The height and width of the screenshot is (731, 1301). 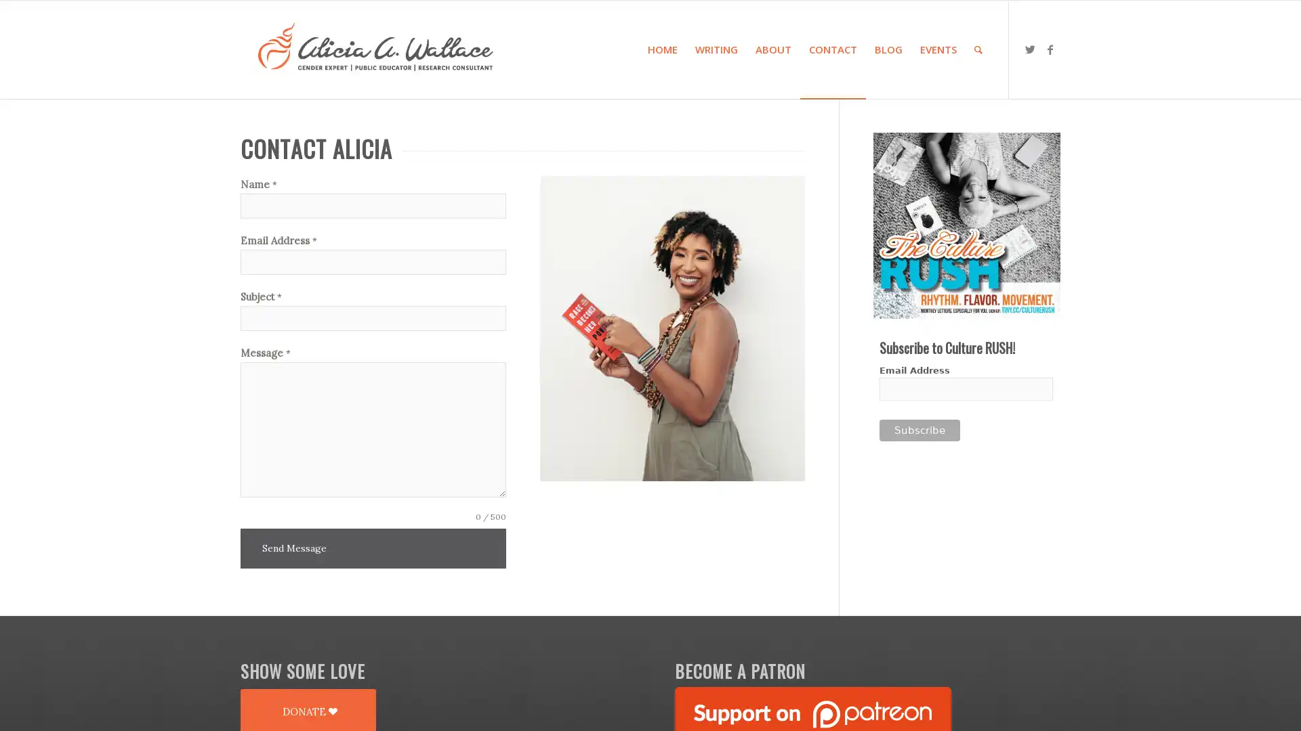 What do you see at coordinates (919, 430) in the screenshot?
I see `Subscribe` at bounding box center [919, 430].